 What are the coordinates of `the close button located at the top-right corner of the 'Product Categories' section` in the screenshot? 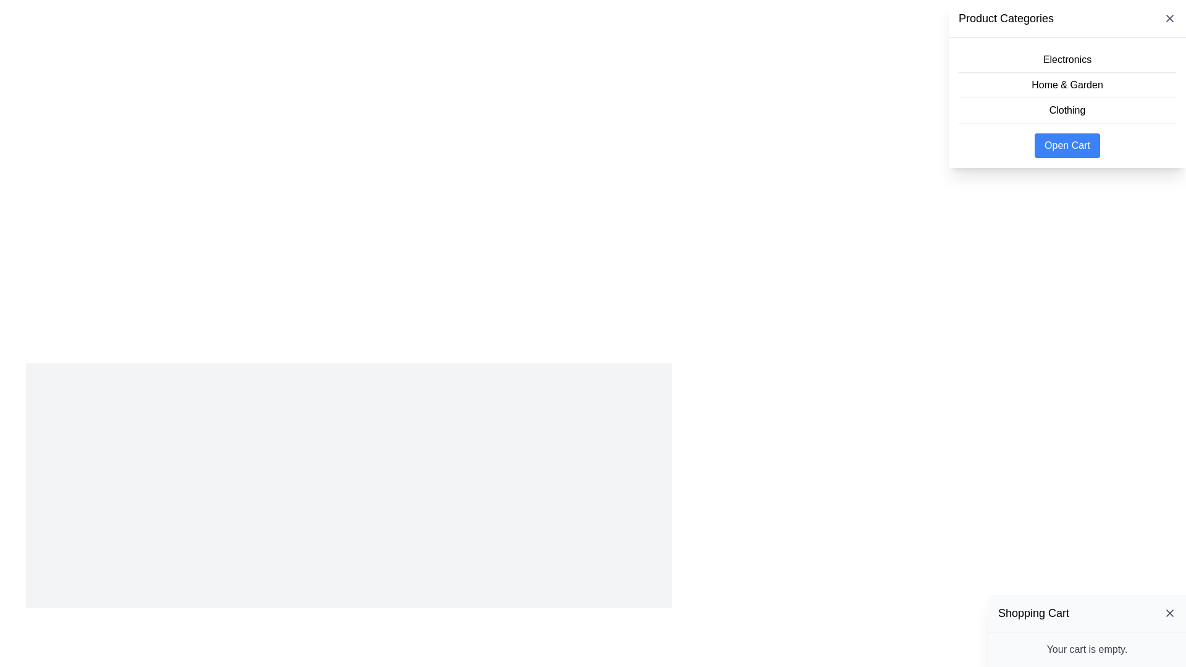 It's located at (1169, 19).